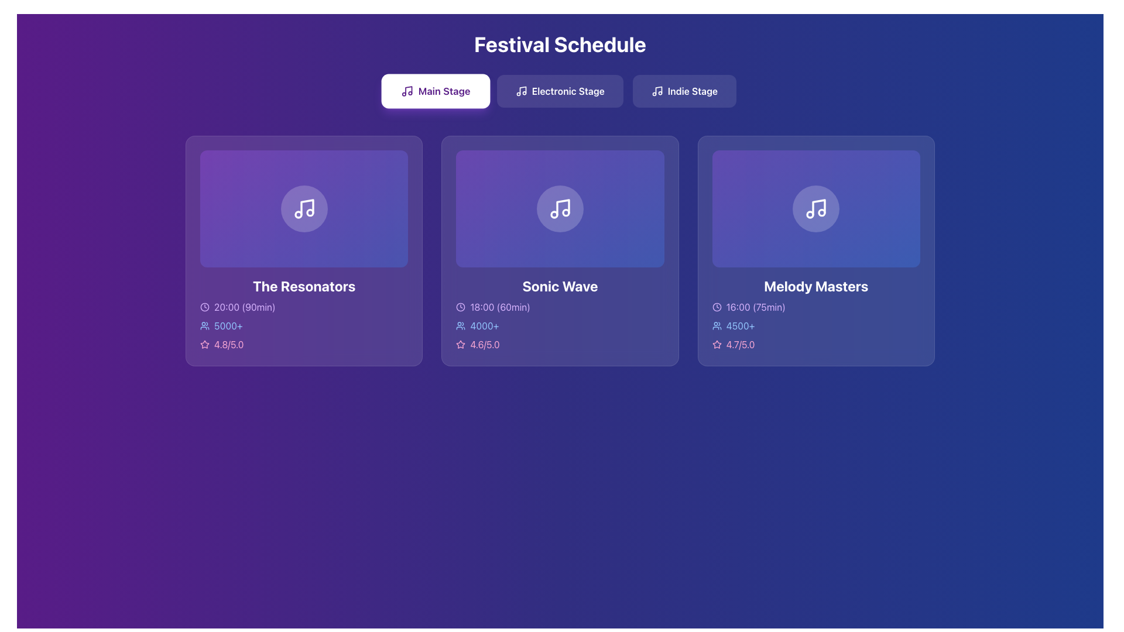 The image size is (1124, 632). Describe the element at coordinates (559, 208) in the screenshot. I see `the music note icon represented by a white outline inside a light purple circular background, located in the middle panel under the 'Festival Schedule' heading` at that location.